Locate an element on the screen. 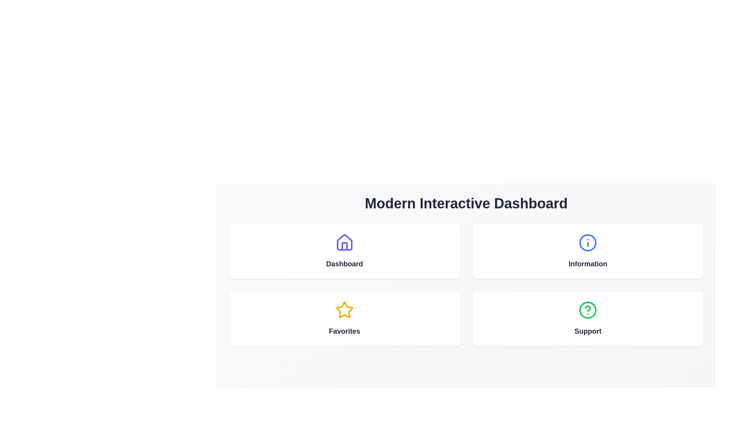 This screenshot has width=752, height=423. the home icon located under the title 'Modern Interactive Dashboard' is located at coordinates (344, 242).